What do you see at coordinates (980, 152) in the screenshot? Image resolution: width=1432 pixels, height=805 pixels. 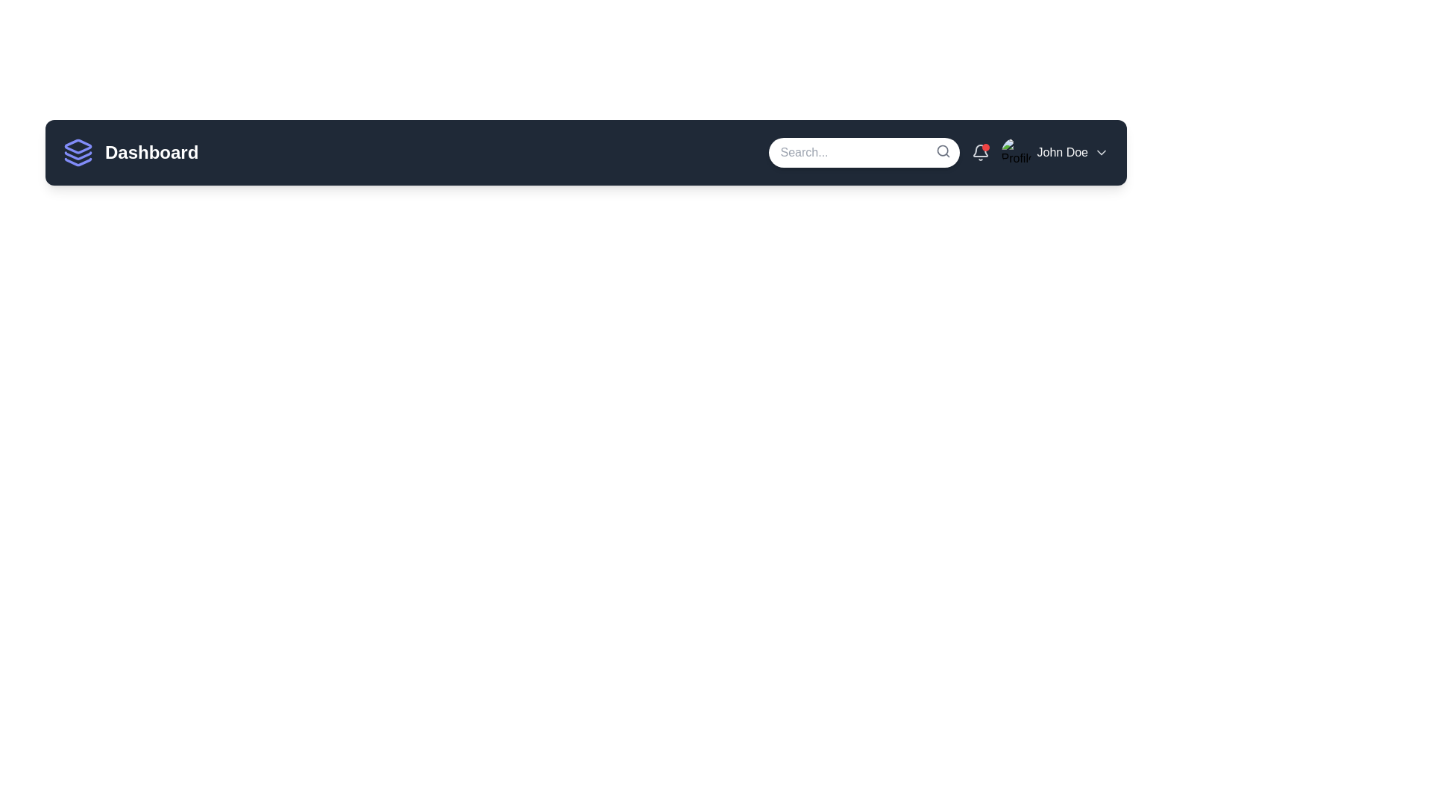 I see `the bell icon located at the top-right corner of the navigation bar` at bounding box center [980, 152].